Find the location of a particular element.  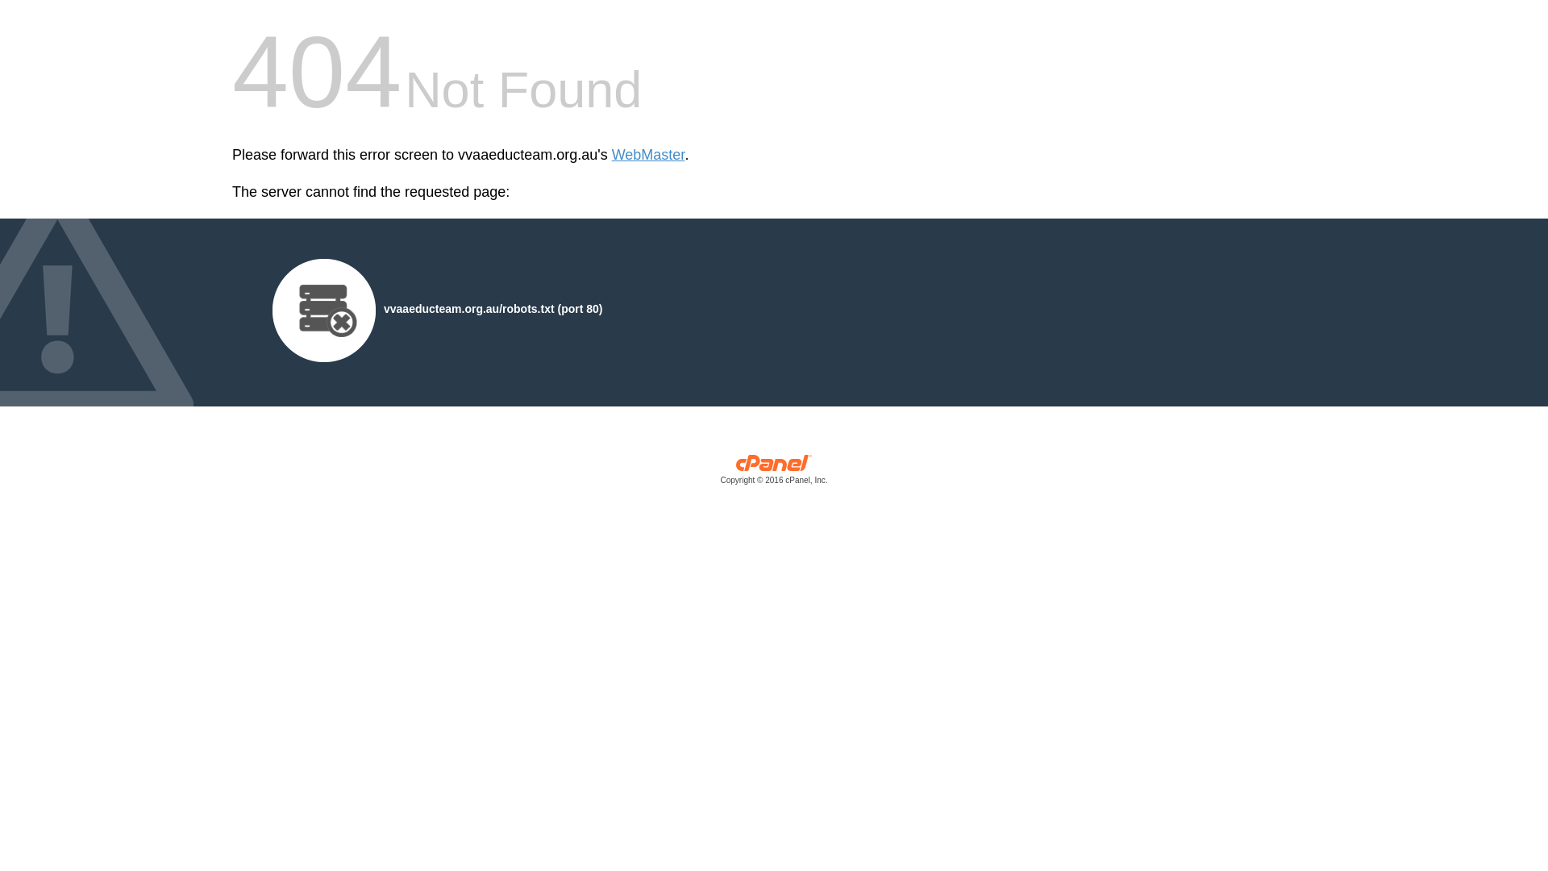

'WebMaster' is located at coordinates (648, 155).